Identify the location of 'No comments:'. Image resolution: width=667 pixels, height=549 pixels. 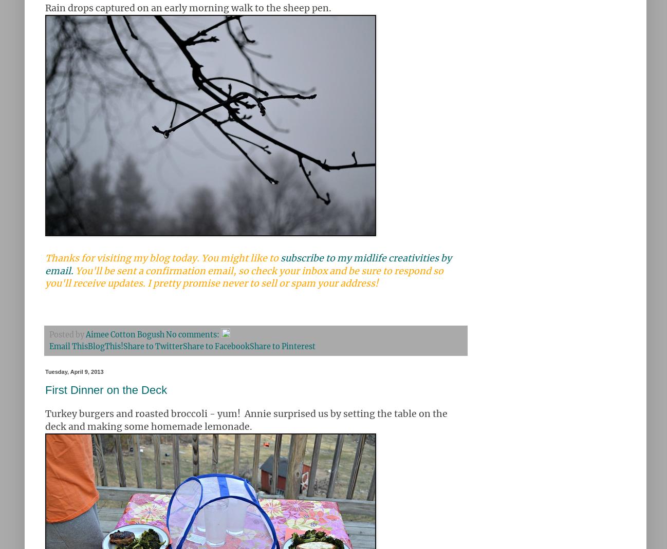
(165, 334).